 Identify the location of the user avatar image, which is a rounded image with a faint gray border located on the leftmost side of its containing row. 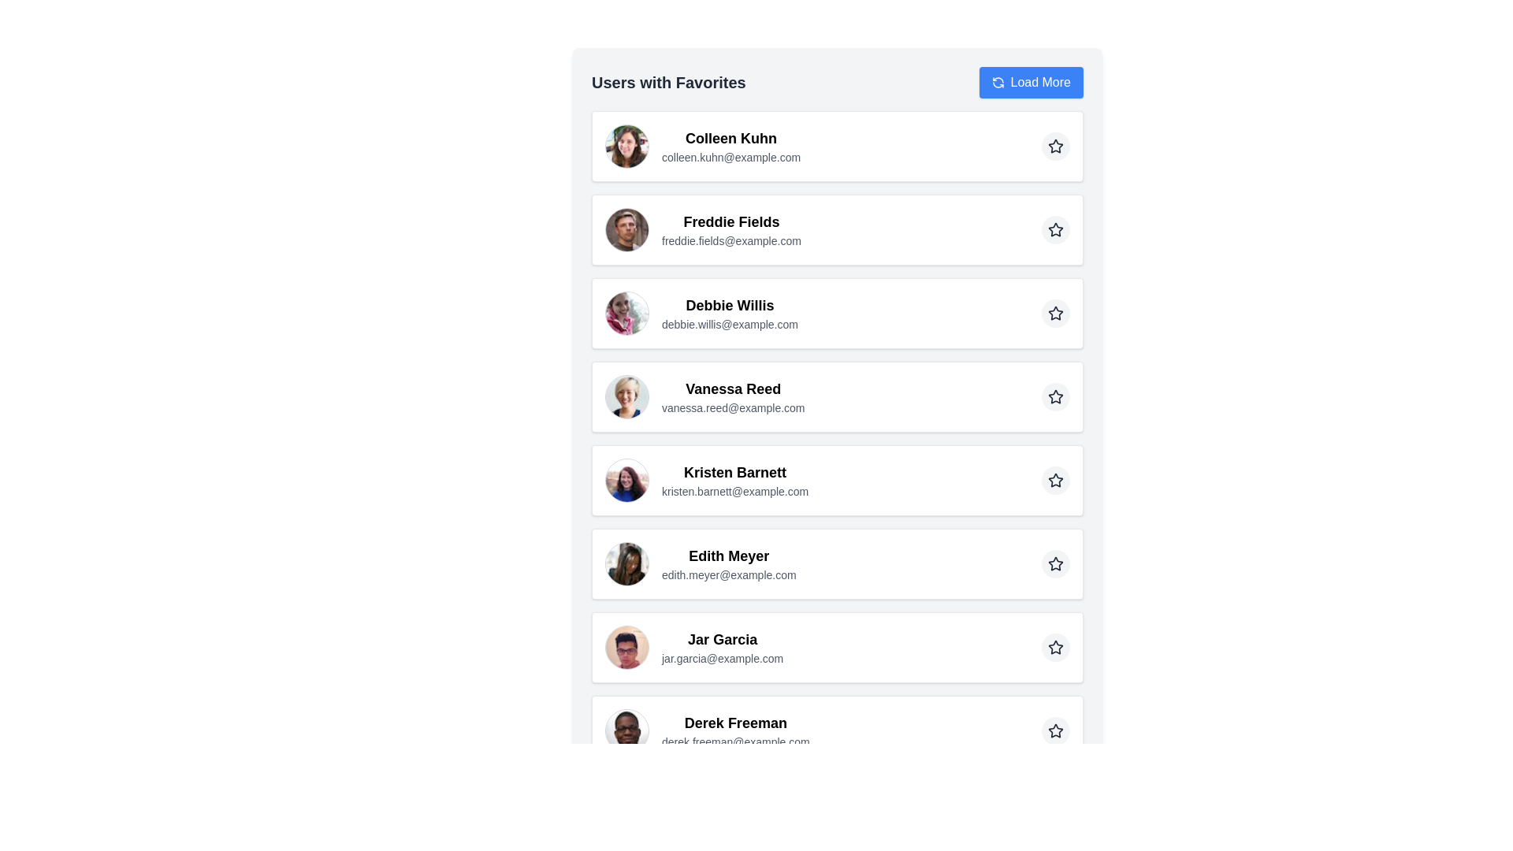
(626, 814).